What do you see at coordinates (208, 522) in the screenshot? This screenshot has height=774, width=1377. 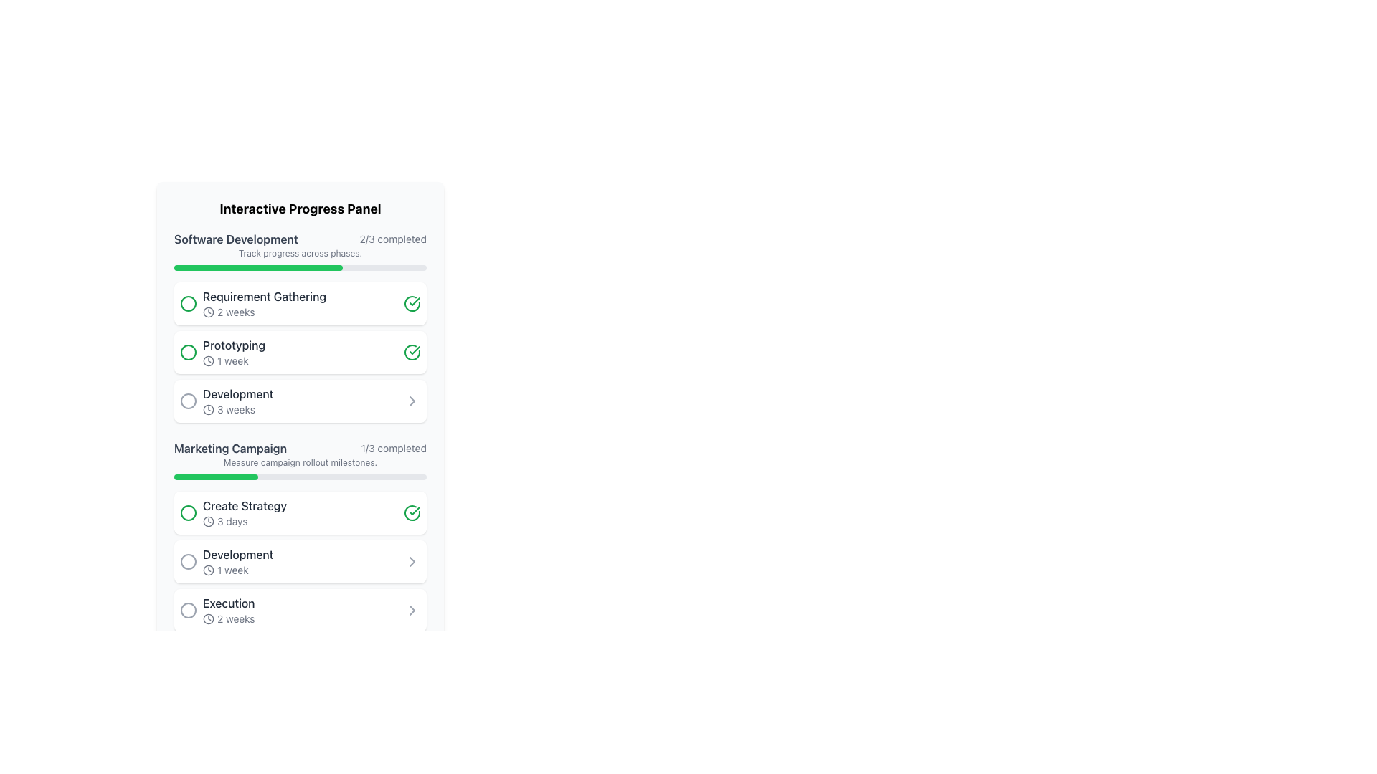 I see `the SVG Circle that visually represents the clock icon next to the 'Create Strategy' task in the 'Marketing Campaign' section` at bounding box center [208, 522].